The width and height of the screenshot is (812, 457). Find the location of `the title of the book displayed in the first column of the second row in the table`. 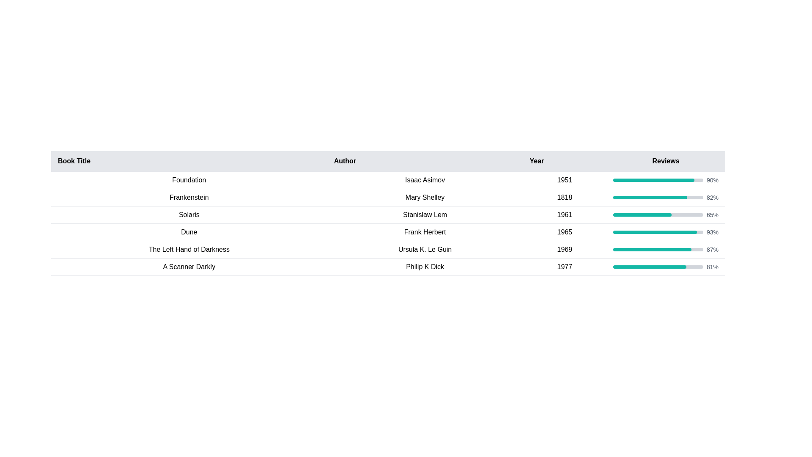

the title of the book displayed in the first column of the second row in the table is located at coordinates (189, 197).